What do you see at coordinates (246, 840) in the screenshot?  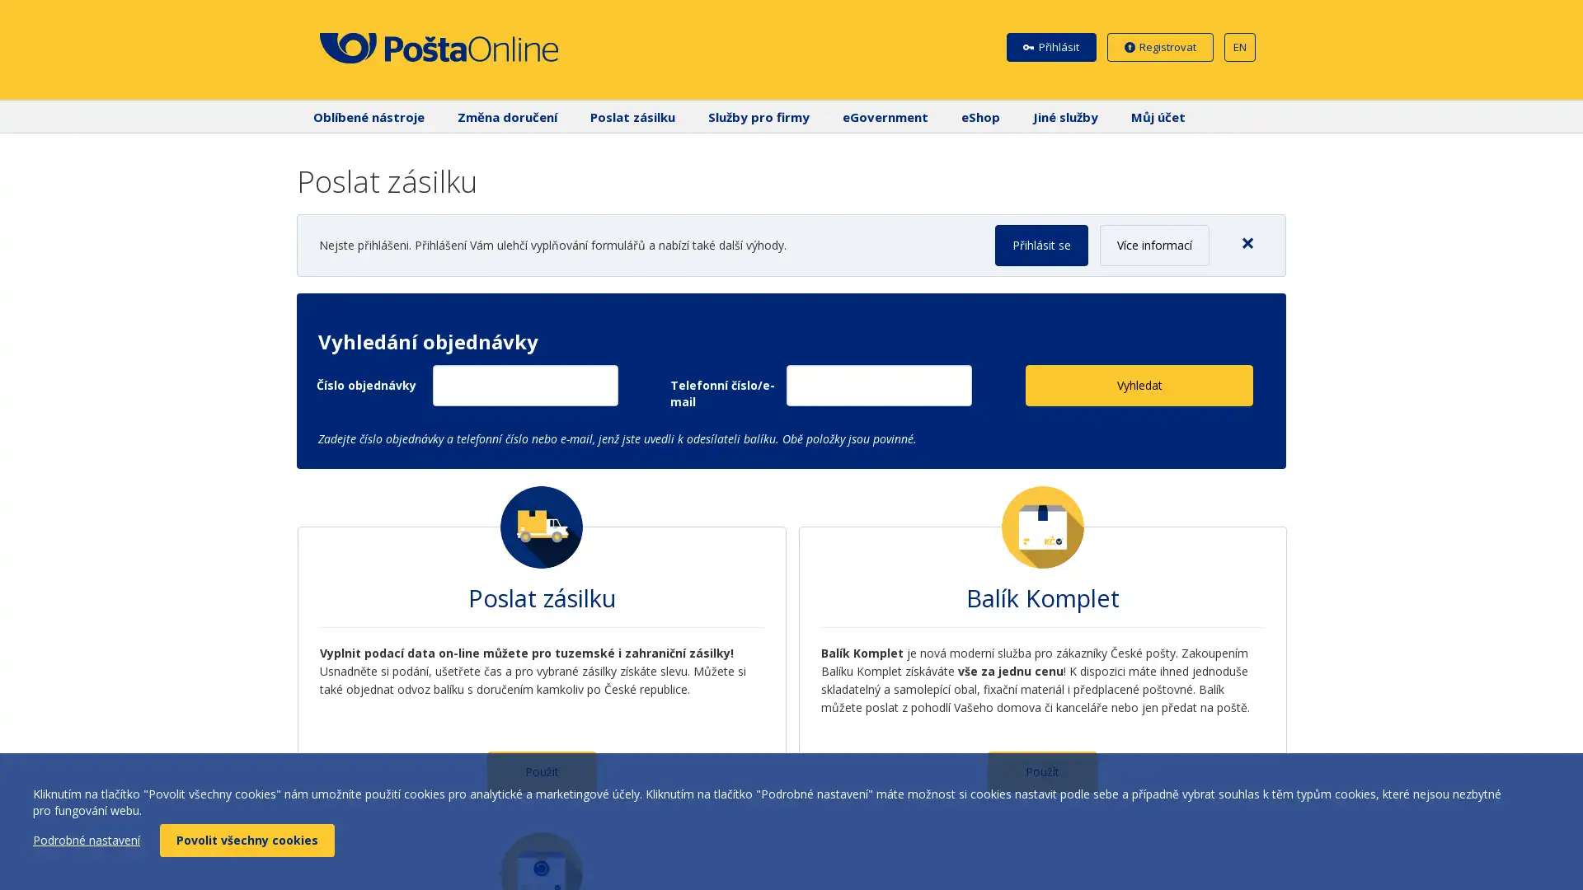 I see `Povolit vsechny cookies` at bounding box center [246, 840].